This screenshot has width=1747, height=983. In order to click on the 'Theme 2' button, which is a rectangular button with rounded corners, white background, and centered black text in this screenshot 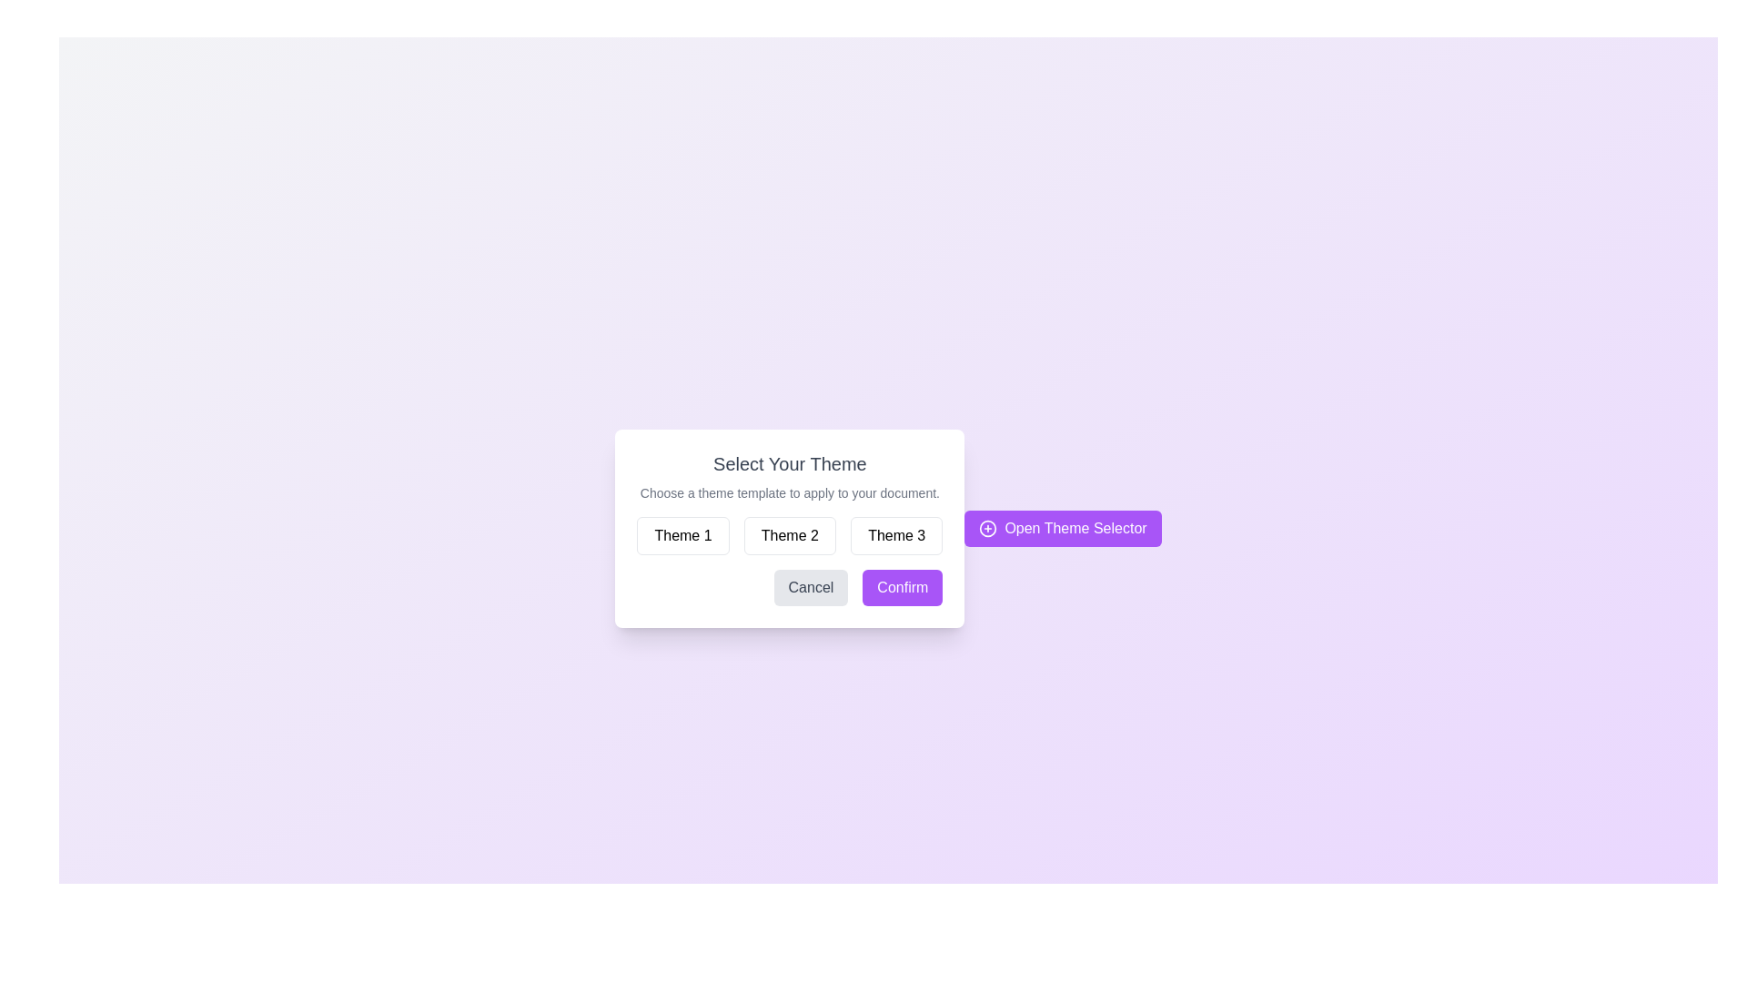, I will do `click(790, 535)`.